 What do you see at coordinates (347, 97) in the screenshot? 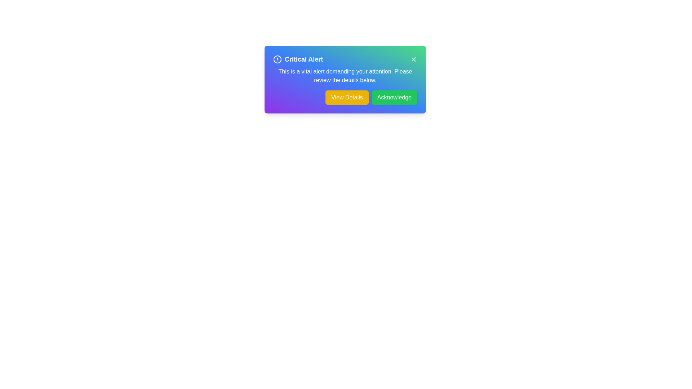
I see `the first button located near the bottom of the alert dialog box` at bounding box center [347, 97].